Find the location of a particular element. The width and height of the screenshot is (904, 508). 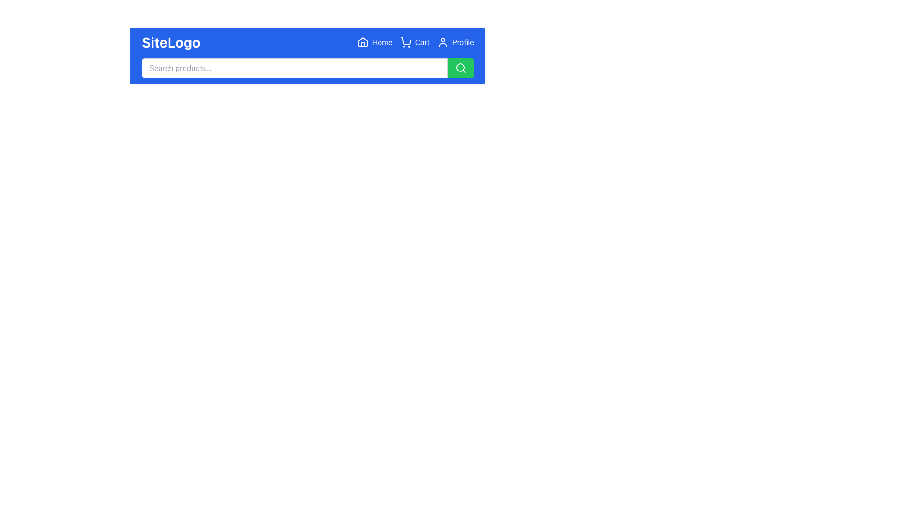

the green button with a magnifying glass icon located to the right of the search bar is located at coordinates (461, 68).